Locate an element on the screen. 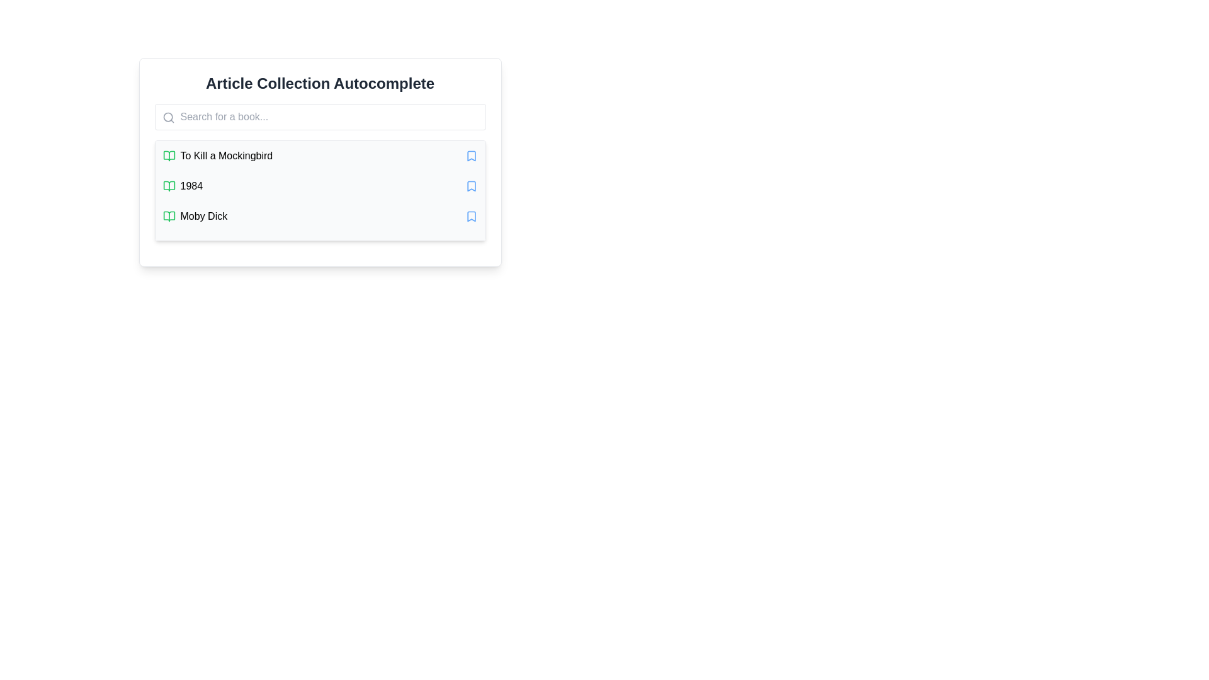 This screenshot has height=680, width=1209. book title specified in the text label located in the second entry of the 'Article Collection Autocomplete' list, which is positioned to the right of a green book icon and above another text label reading 'Moby Dick' is located at coordinates (191, 186).